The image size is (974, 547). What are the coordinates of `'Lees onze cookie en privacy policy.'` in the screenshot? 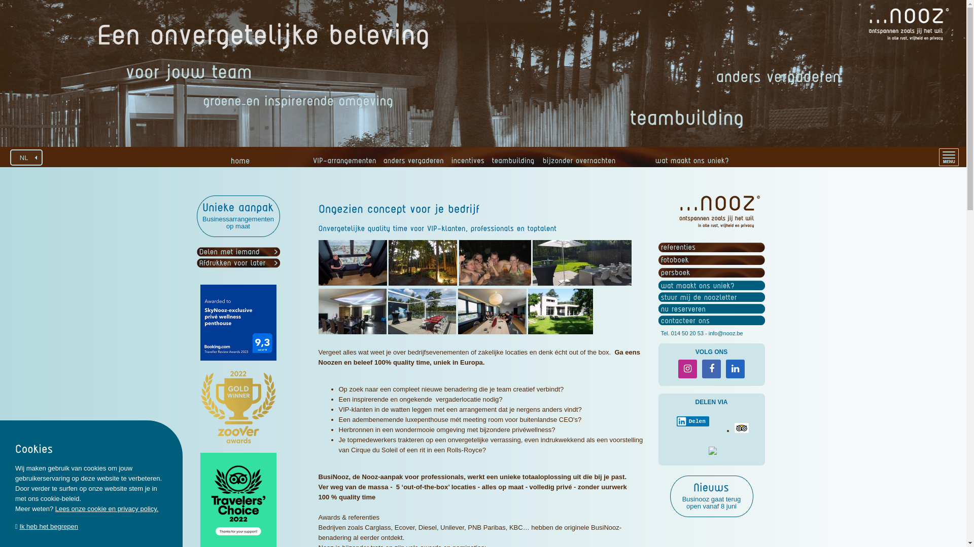 It's located at (55, 509).